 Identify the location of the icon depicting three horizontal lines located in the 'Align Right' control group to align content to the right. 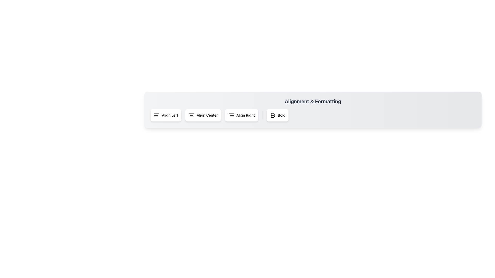
(231, 115).